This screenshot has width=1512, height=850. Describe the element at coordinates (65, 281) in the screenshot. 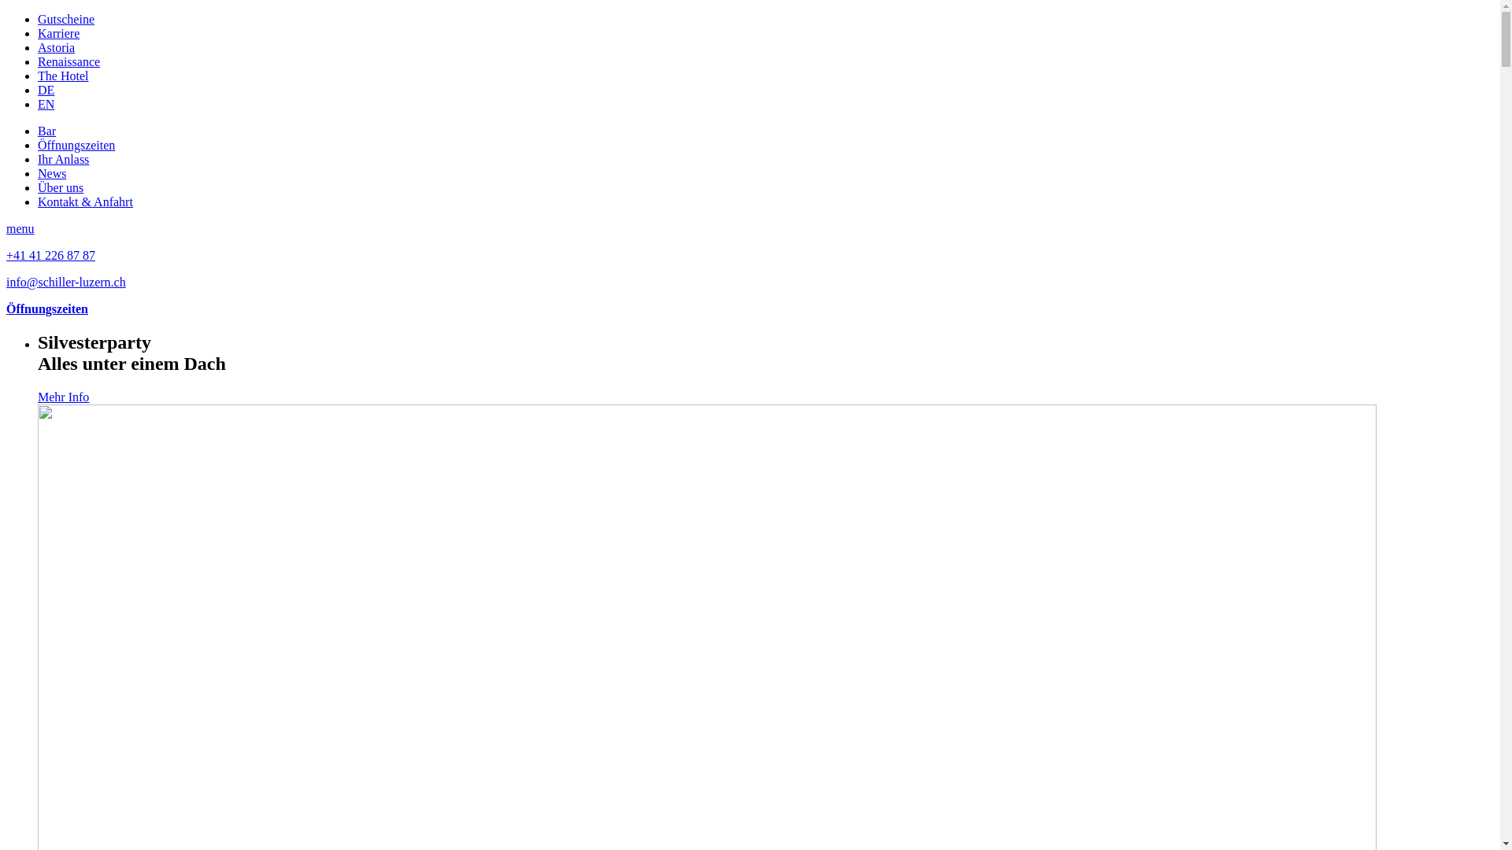

I see `'info@schiller-luzern.ch'` at that location.